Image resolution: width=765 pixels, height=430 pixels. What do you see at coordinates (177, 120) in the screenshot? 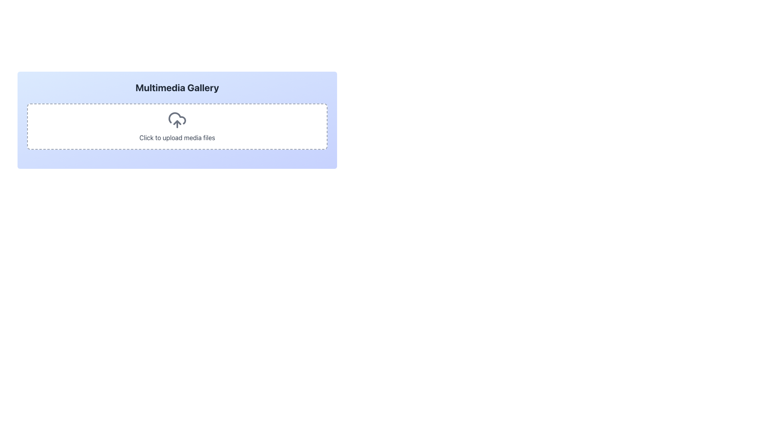
I see `the cloud-shaped upload icon, which is centered inside a dashed box labeled 'Click to upload media files'` at bounding box center [177, 120].